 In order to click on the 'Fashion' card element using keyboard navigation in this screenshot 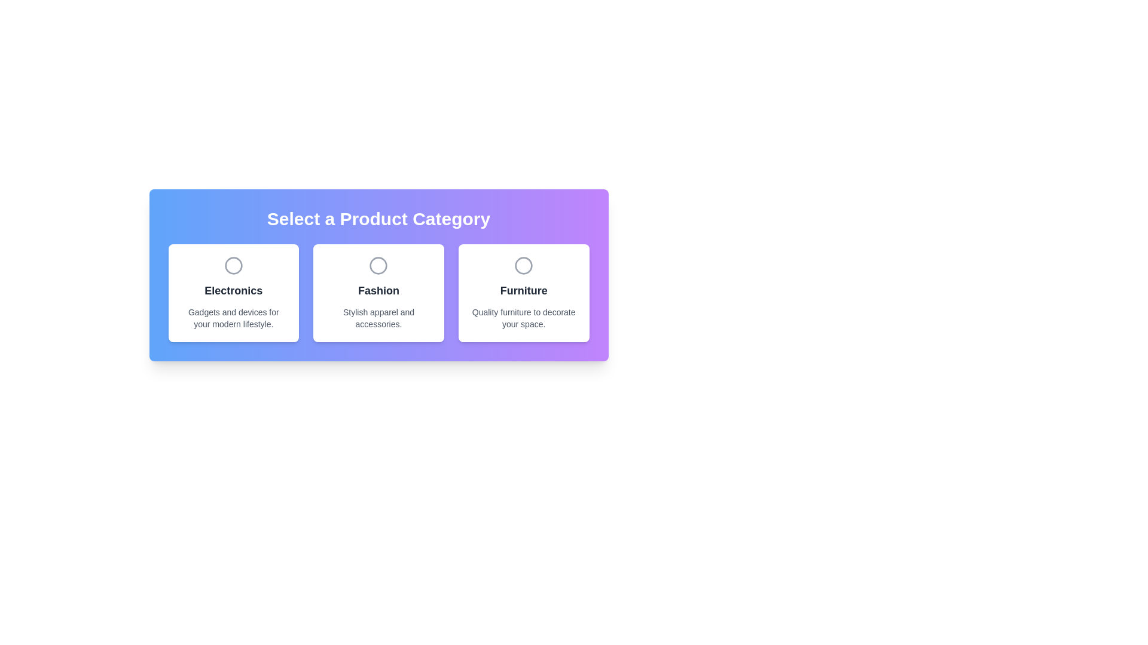, I will do `click(378, 293)`.